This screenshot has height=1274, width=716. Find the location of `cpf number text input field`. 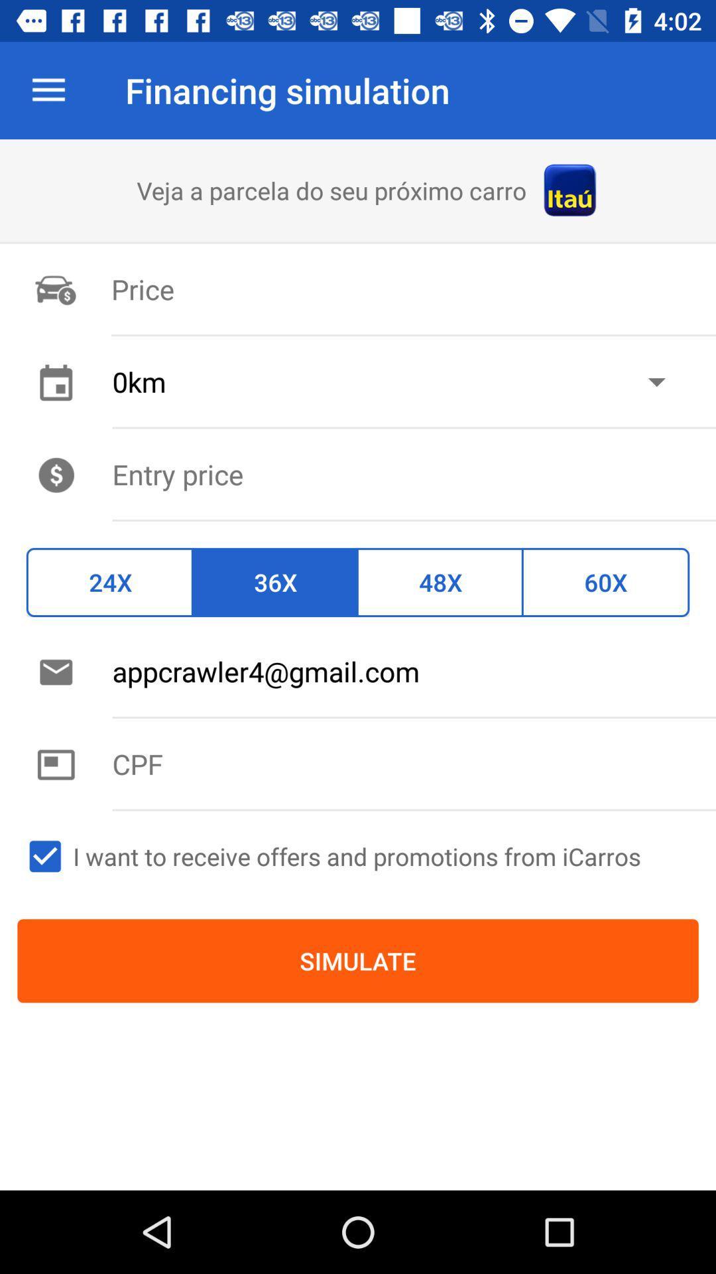

cpf number text input field is located at coordinates (413, 764).